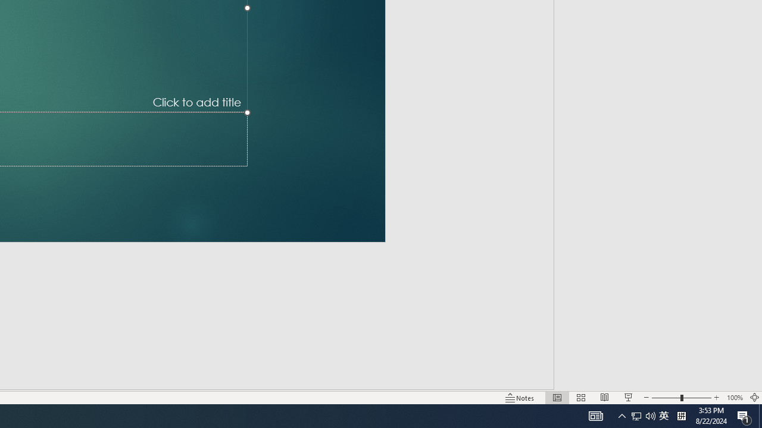 This screenshot has height=428, width=762. Describe the element at coordinates (557, 398) in the screenshot. I see `'Normal'` at that location.